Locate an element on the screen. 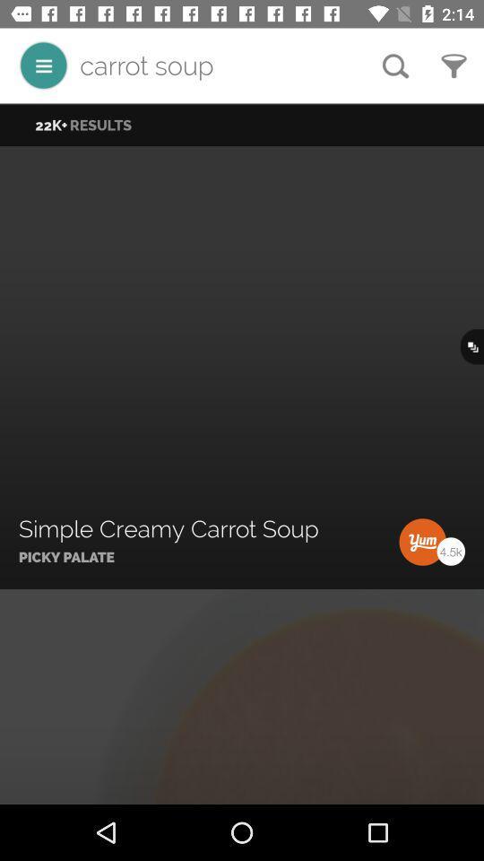  menu bar is located at coordinates (43, 65).